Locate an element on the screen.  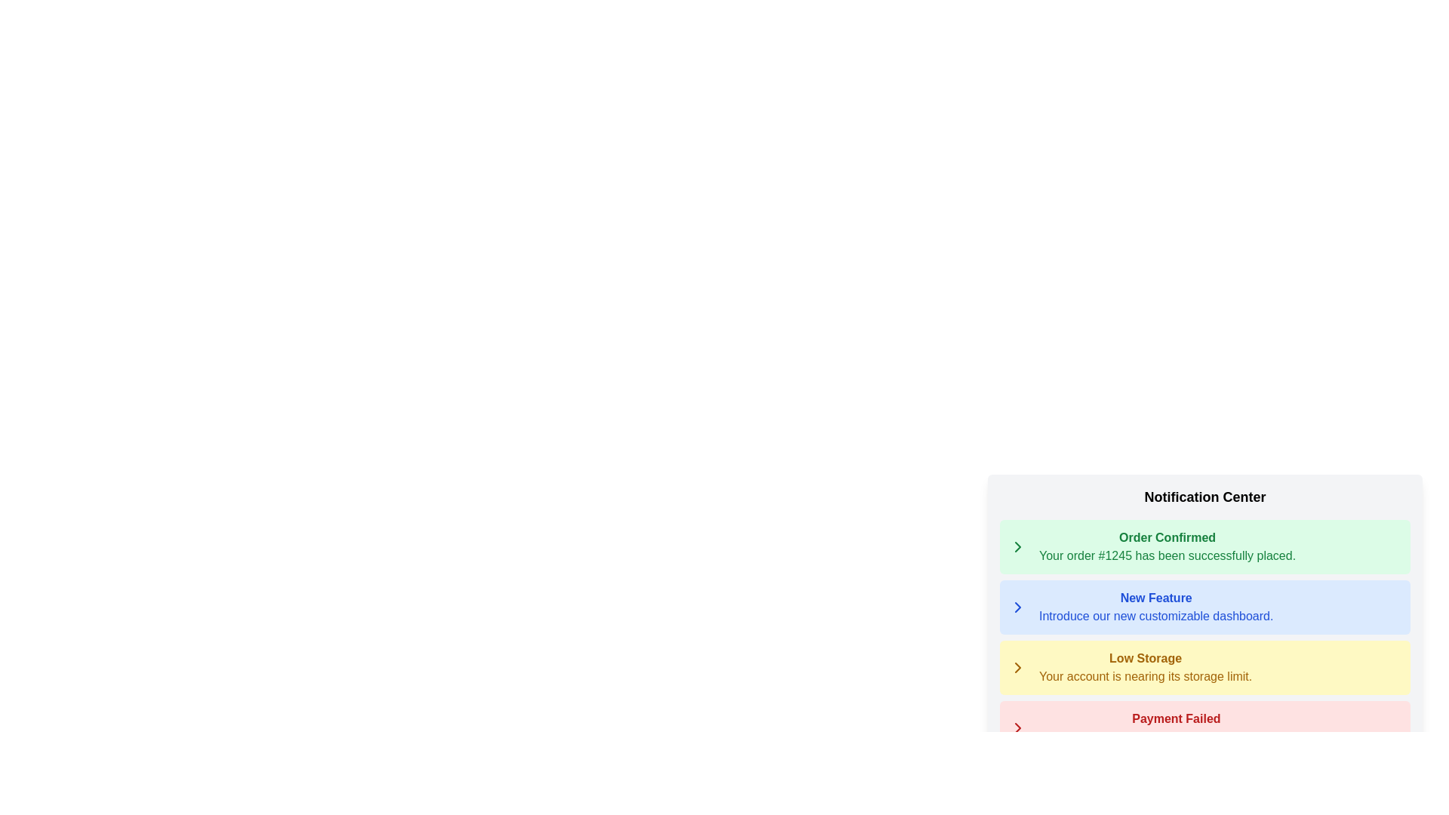
the second notification box in the vertically stacked list under the header 'Notification Center' is located at coordinates (1204, 620).